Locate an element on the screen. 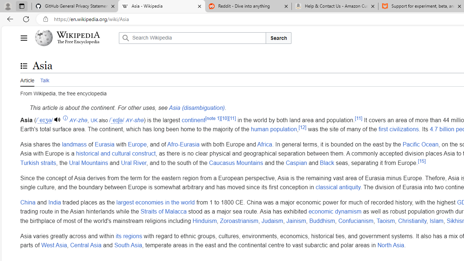 The width and height of the screenshot is (464, 261). 'Reddit - Dive into anything' is located at coordinates (248, 6).